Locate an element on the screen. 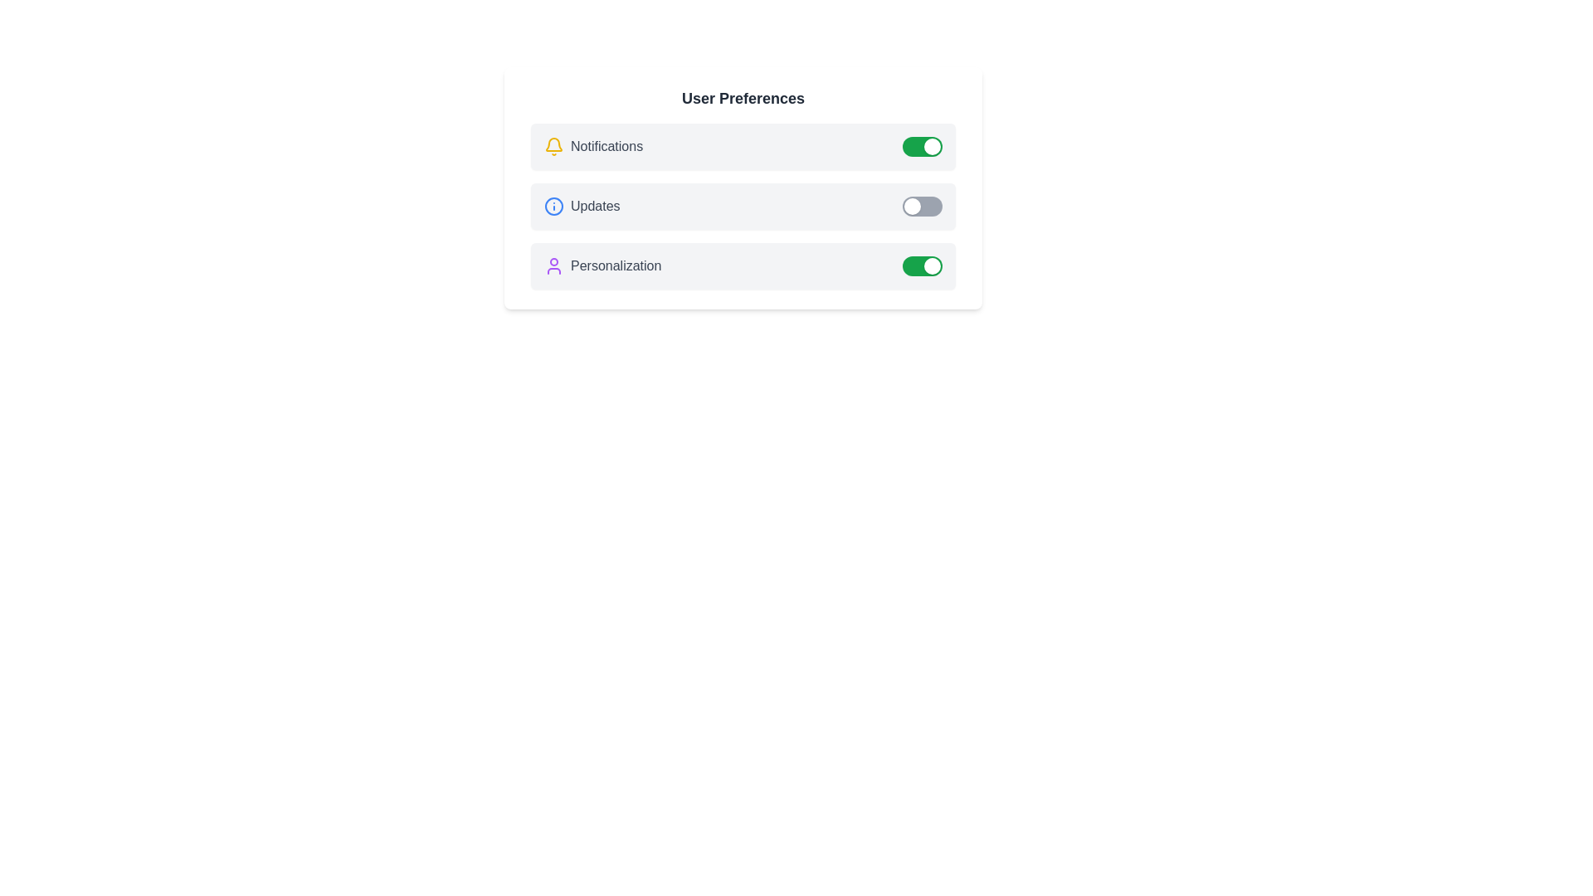 The height and width of the screenshot is (896, 1593). the icon representing Updates is located at coordinates (553, 206).